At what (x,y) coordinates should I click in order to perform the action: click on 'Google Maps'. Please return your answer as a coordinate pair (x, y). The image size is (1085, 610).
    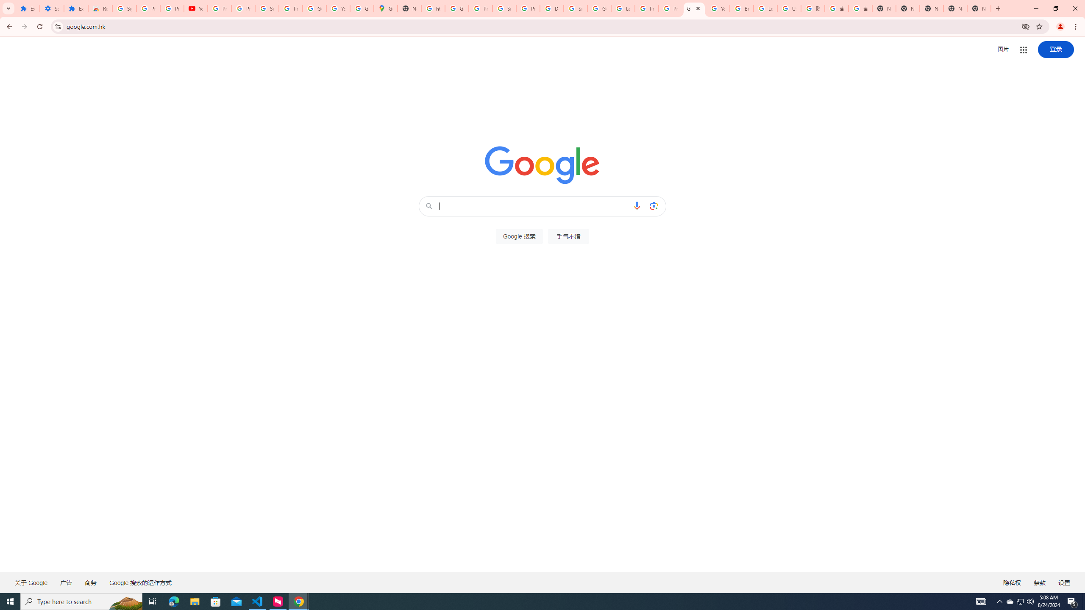
    Looking at the image, I should click on (385, 8).